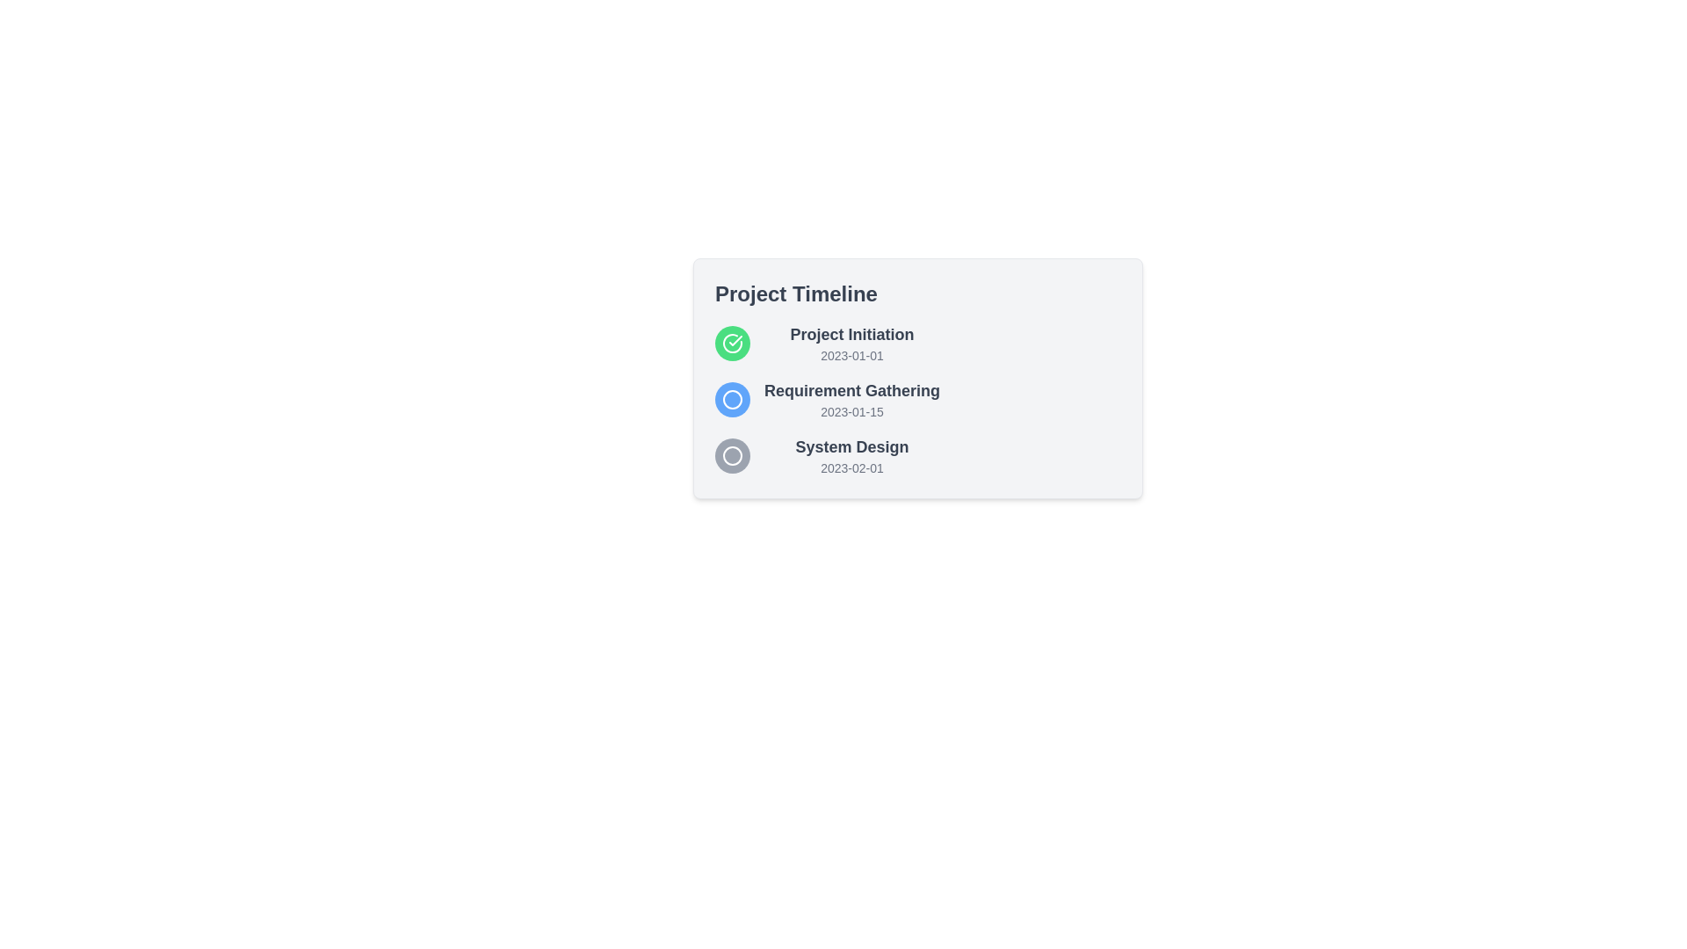 This screenshot has width=1687, height=949. Describe the element at coordinates (733, 455) in the screenshot. I see `the circular graphic that symbolizes the final phase of the project timeline labeled 'System Design'` at that location.